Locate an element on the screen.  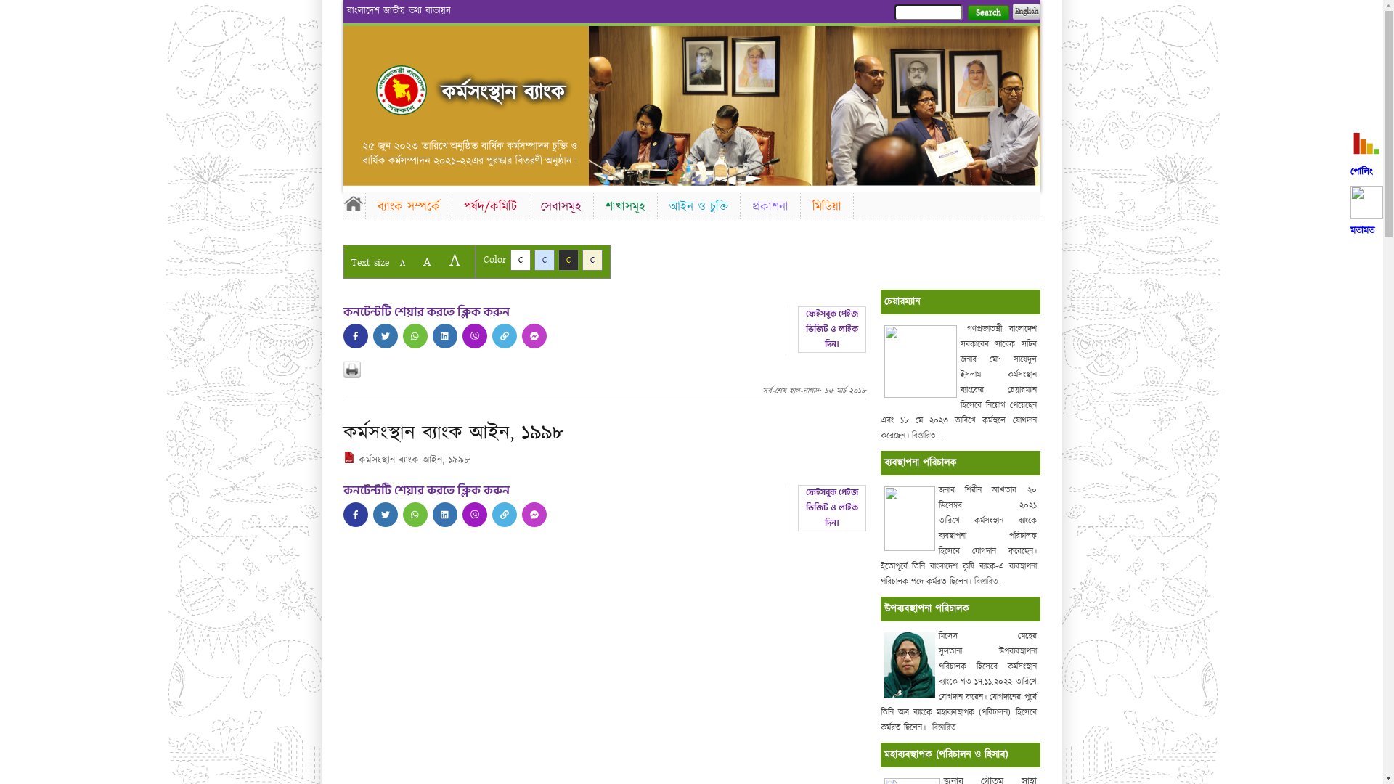
'C' is located at coordinates (509, 259).